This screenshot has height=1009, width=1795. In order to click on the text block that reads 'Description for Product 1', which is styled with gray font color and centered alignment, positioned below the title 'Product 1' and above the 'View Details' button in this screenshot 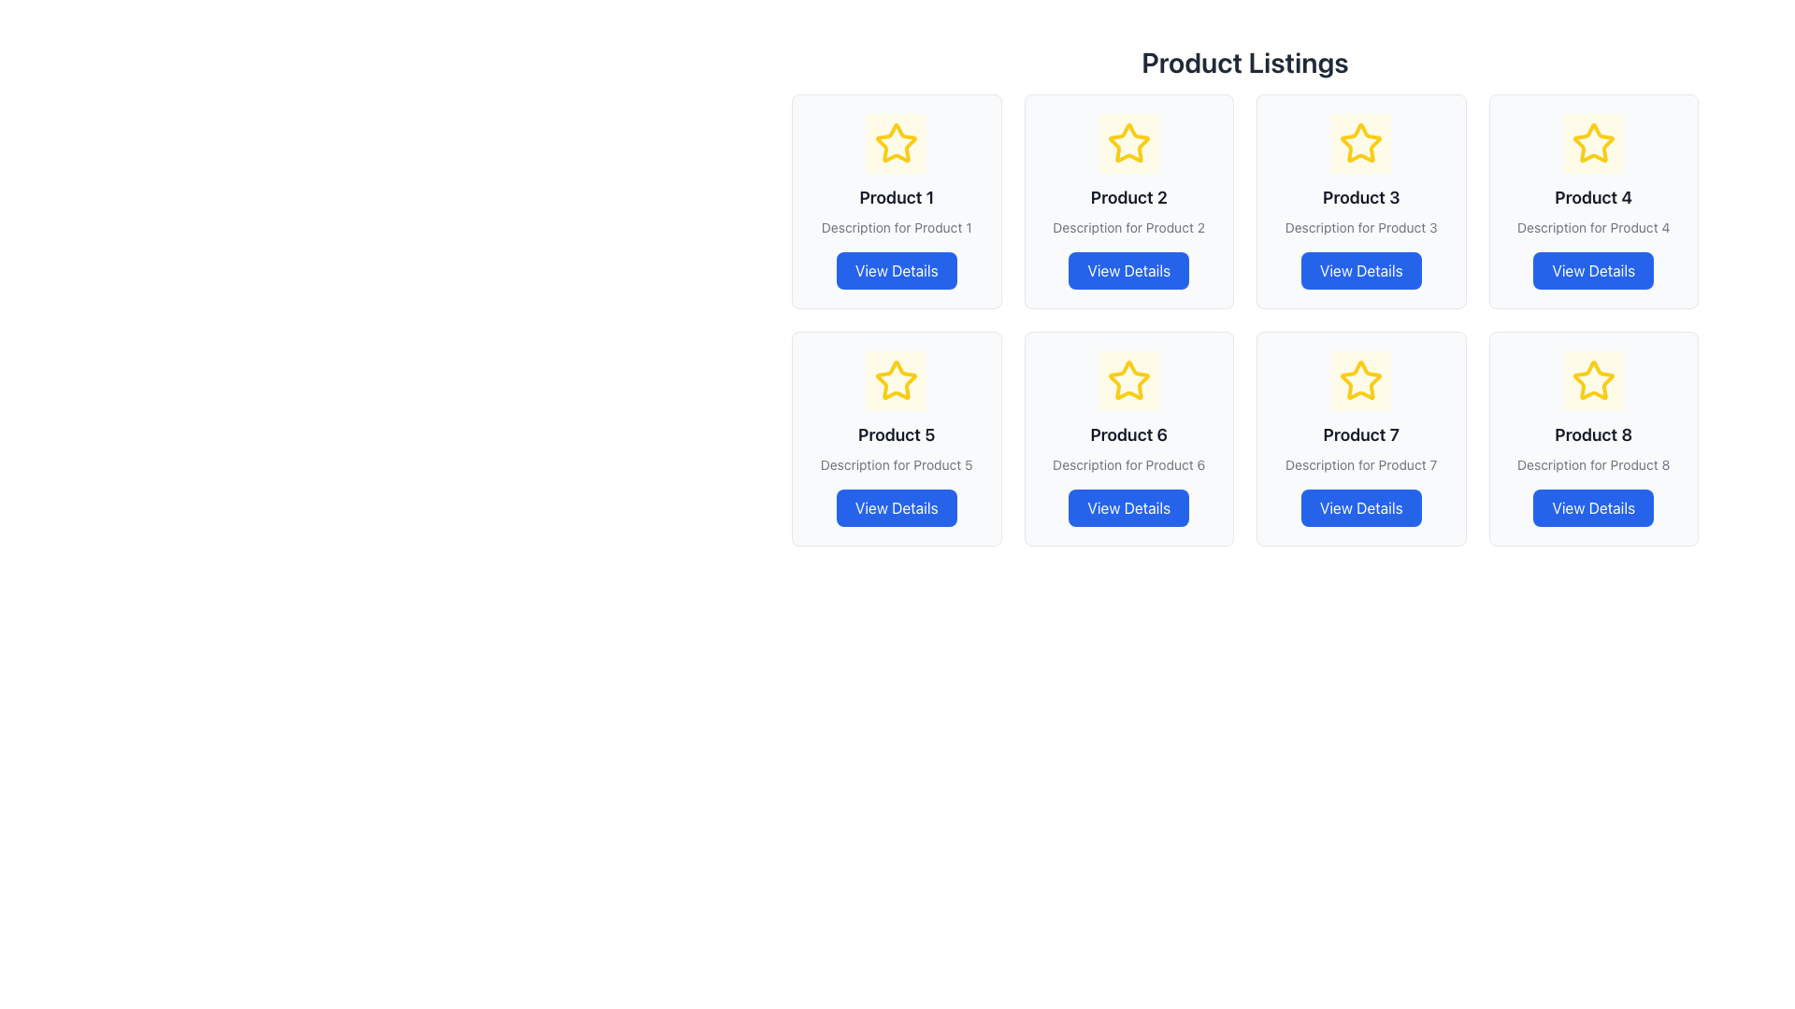, I will do `click(896, 226)`.